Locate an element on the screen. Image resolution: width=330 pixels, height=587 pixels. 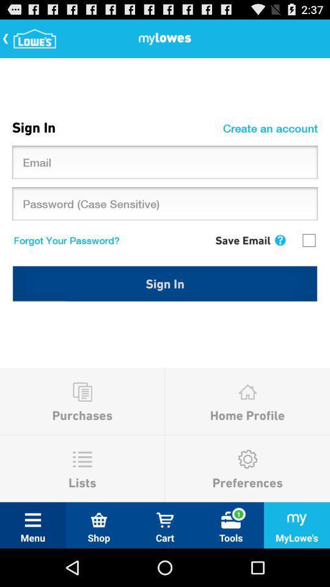
icon above sign in is located at coordinates (280, 240).